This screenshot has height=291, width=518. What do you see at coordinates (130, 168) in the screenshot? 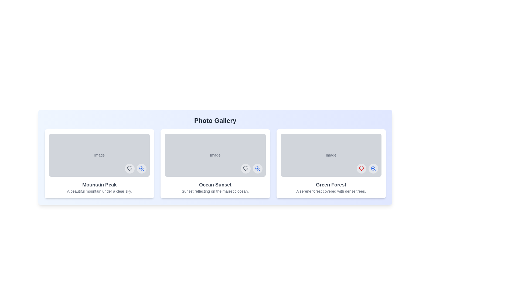
I see `'like' button for the image titled 'Mountain Peak' to toggle its liked state` at bounding box center [130, 168].